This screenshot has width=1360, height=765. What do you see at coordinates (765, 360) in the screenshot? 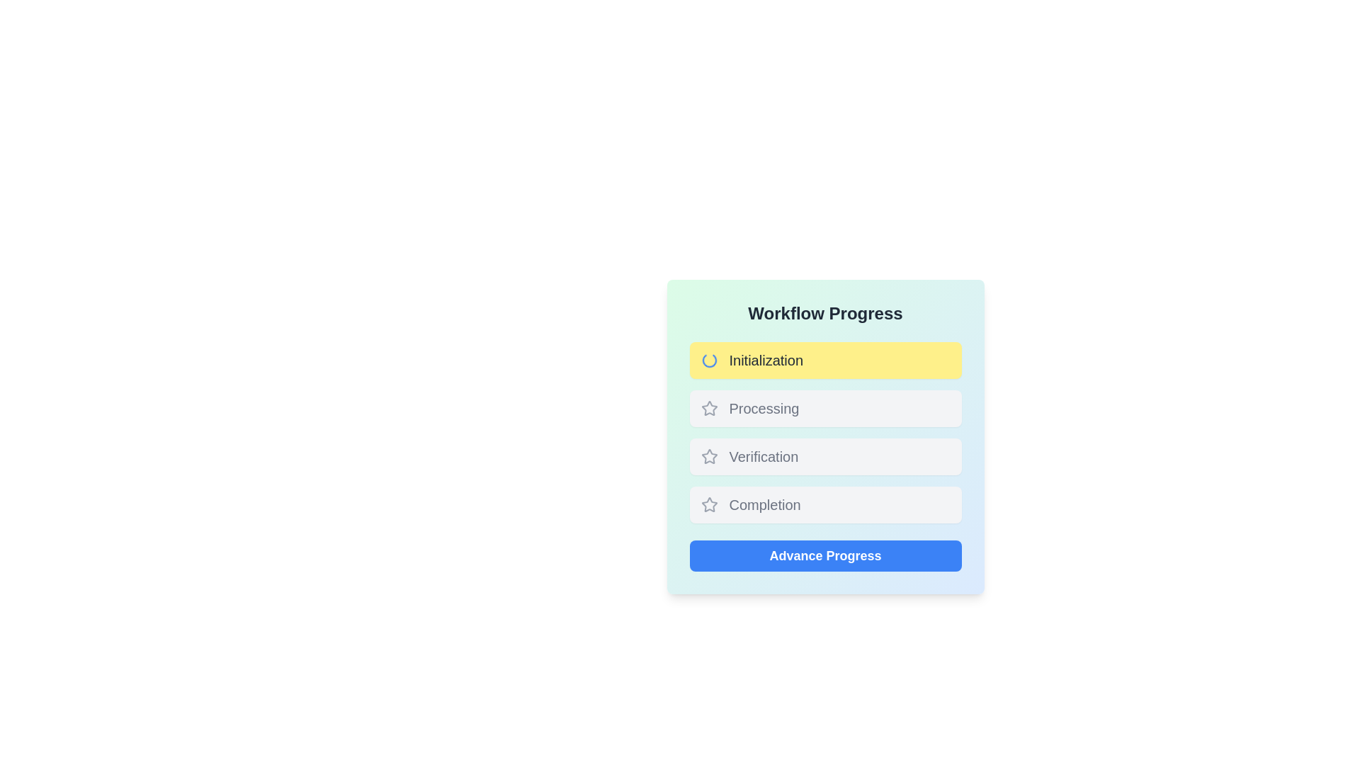
I see `the label that displays the word 'Initialization' in bold and dark gray font, located within a yellow background next to a spinning circular icon in the first item of a workflow progress list` at bounding box center [765, 360].